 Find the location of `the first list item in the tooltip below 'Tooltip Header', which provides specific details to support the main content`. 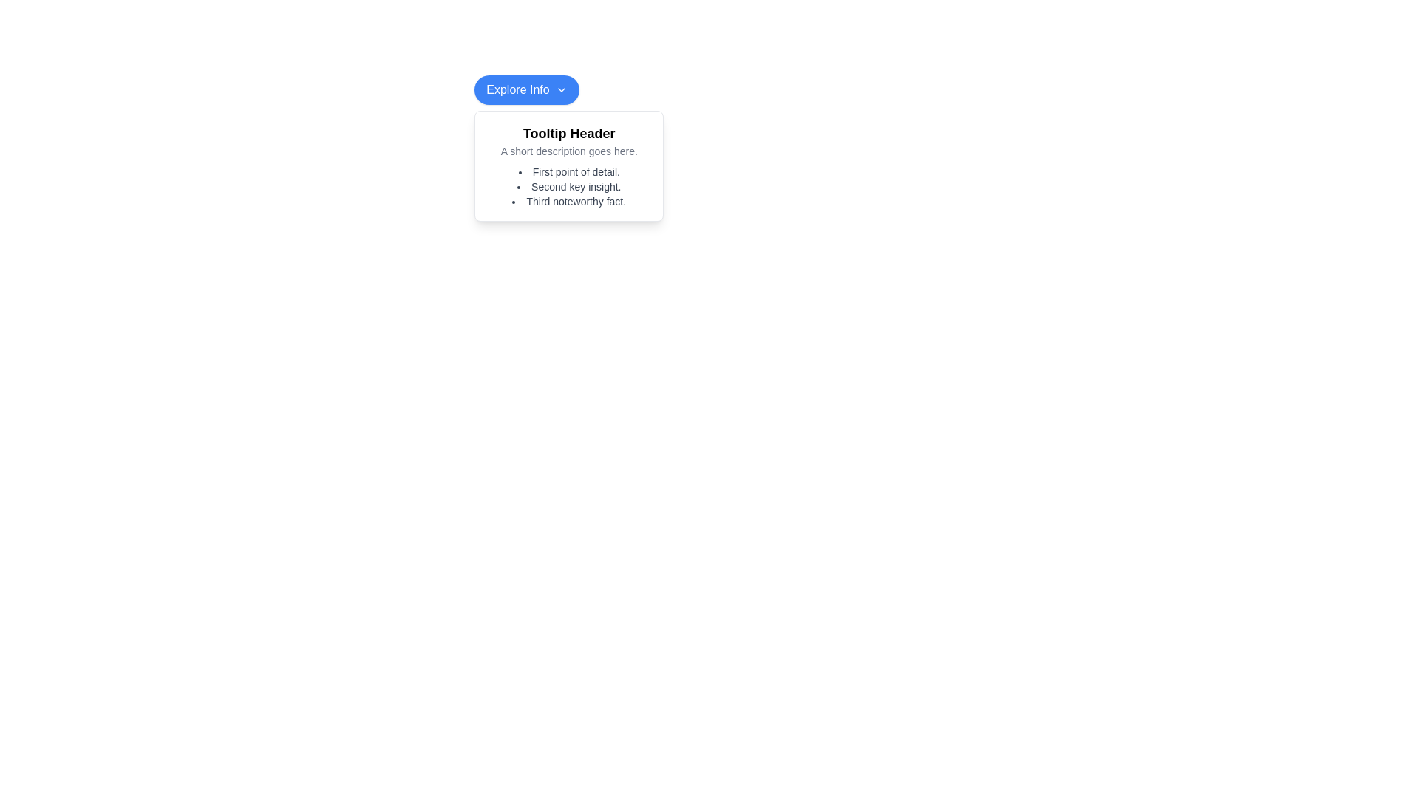

the first list item in the tooltip below 'Tooltip Header', which provides specific details to support the main content is located at coordinates (568, 171).